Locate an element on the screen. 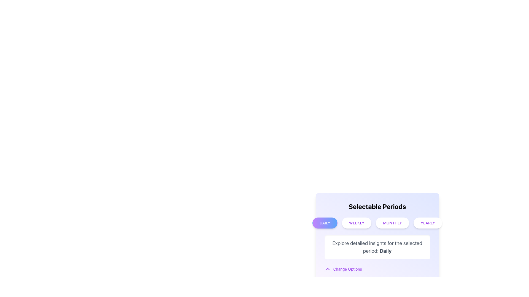 The image size is (529, 297). the 'DAILY' button, which has a gradient background transitioning from purple to blue and displays the text 'DAILY' in uppercase white font, located in the 'Selectable Periods' section is located at coordinates (325, 223).